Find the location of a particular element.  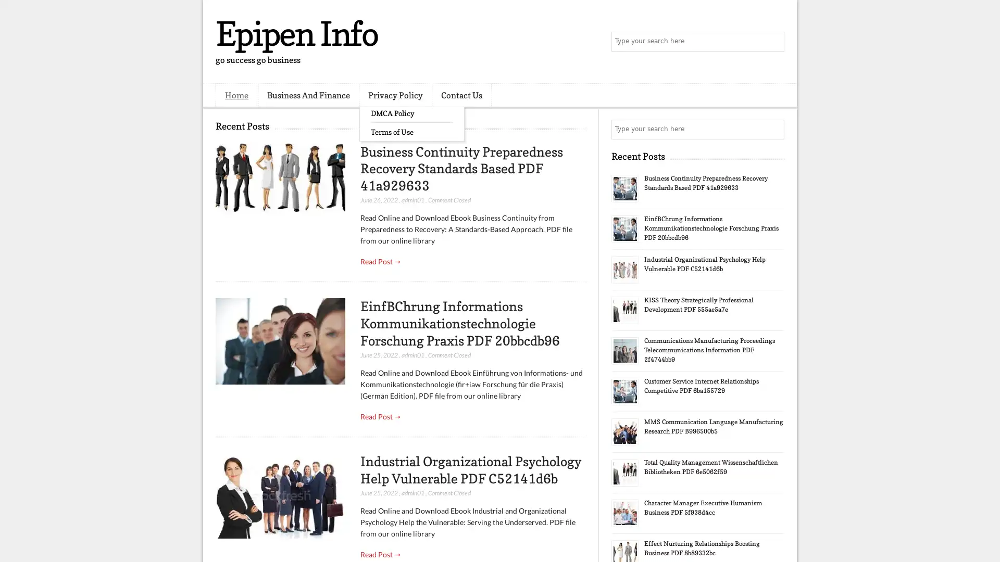

Search is located at coordinates (773, 42).